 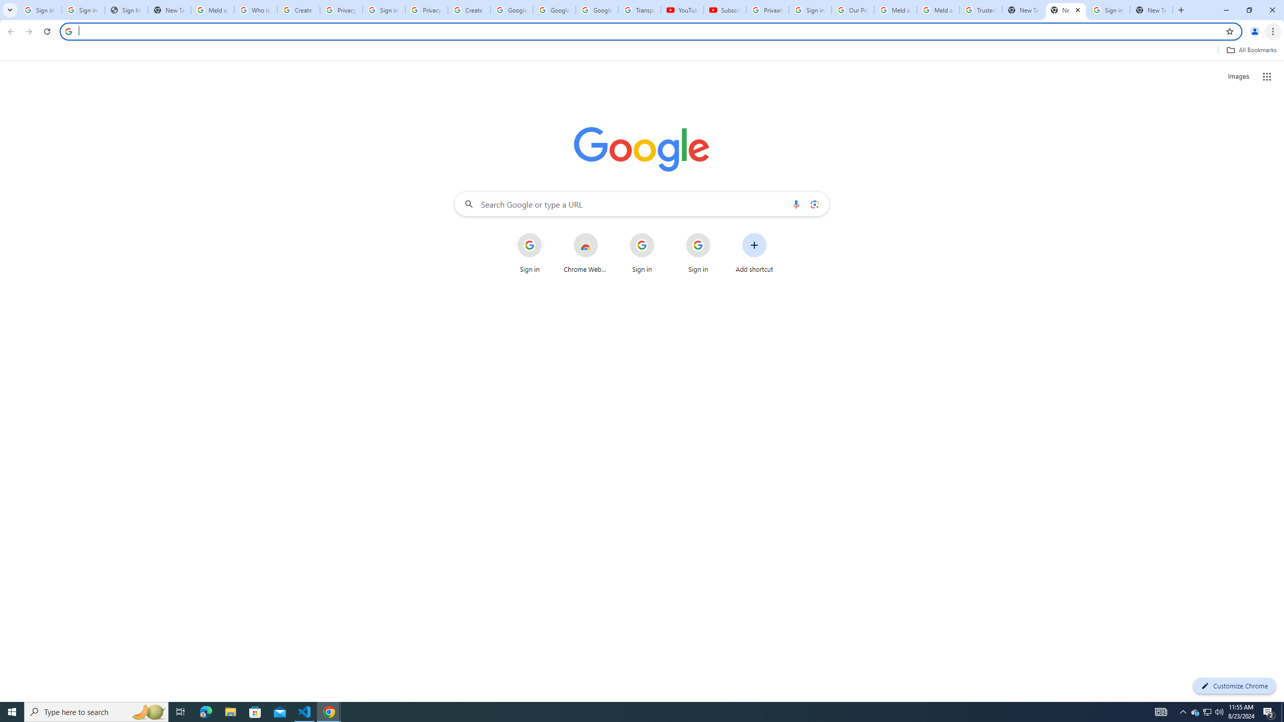 I want to click on 'Google apps', so click(x=1267, y=76).